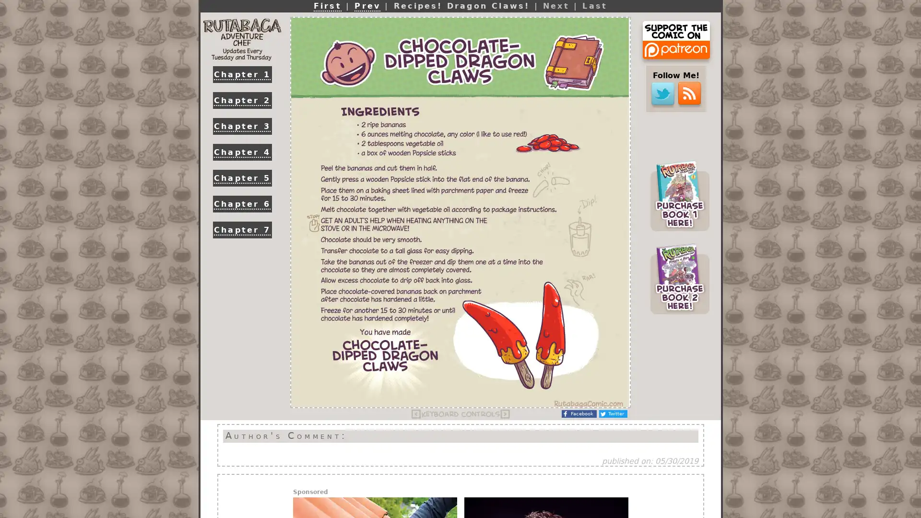  Describe the element at coordinates (613, 413) in the screenshot. I see `Share to TwitterTwitter` at that location.